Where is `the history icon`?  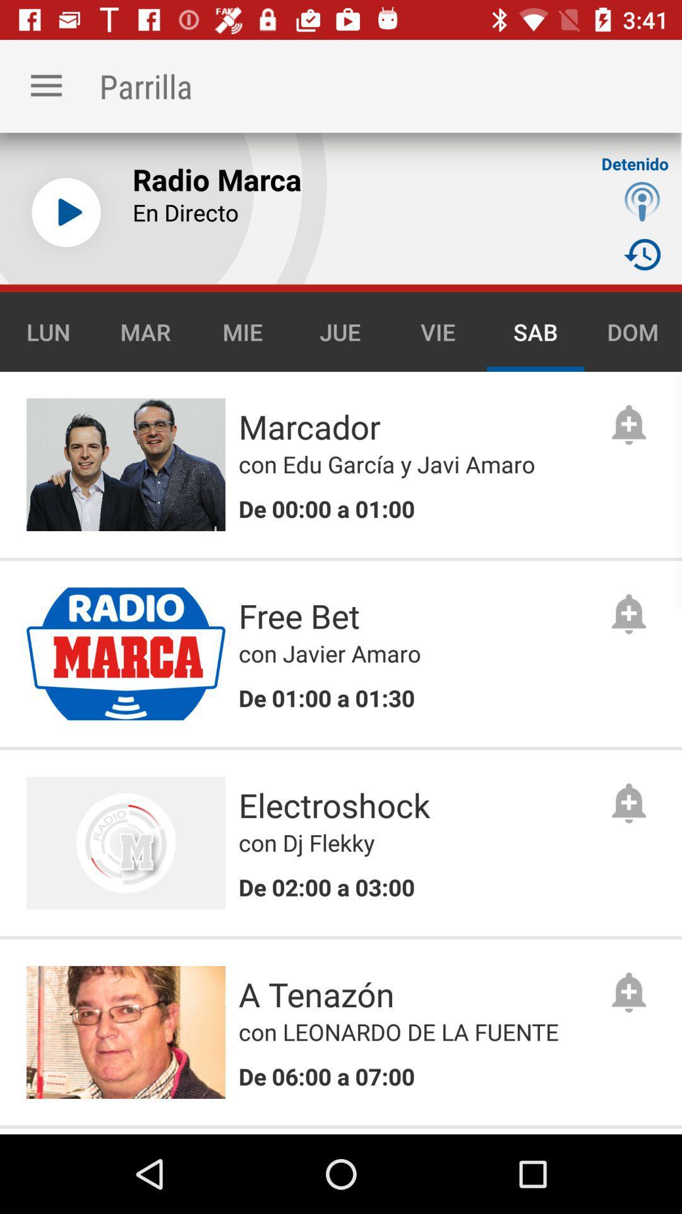
the history icon is located at coordinates (642, 254).